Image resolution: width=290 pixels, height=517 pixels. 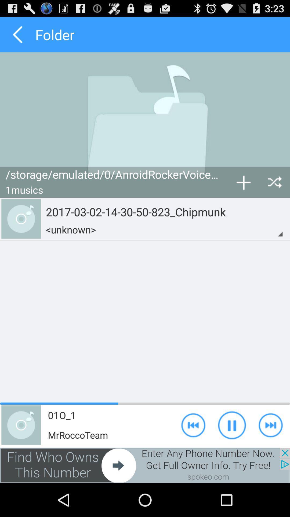 I want to click on the option, so click(x=243, y=182).